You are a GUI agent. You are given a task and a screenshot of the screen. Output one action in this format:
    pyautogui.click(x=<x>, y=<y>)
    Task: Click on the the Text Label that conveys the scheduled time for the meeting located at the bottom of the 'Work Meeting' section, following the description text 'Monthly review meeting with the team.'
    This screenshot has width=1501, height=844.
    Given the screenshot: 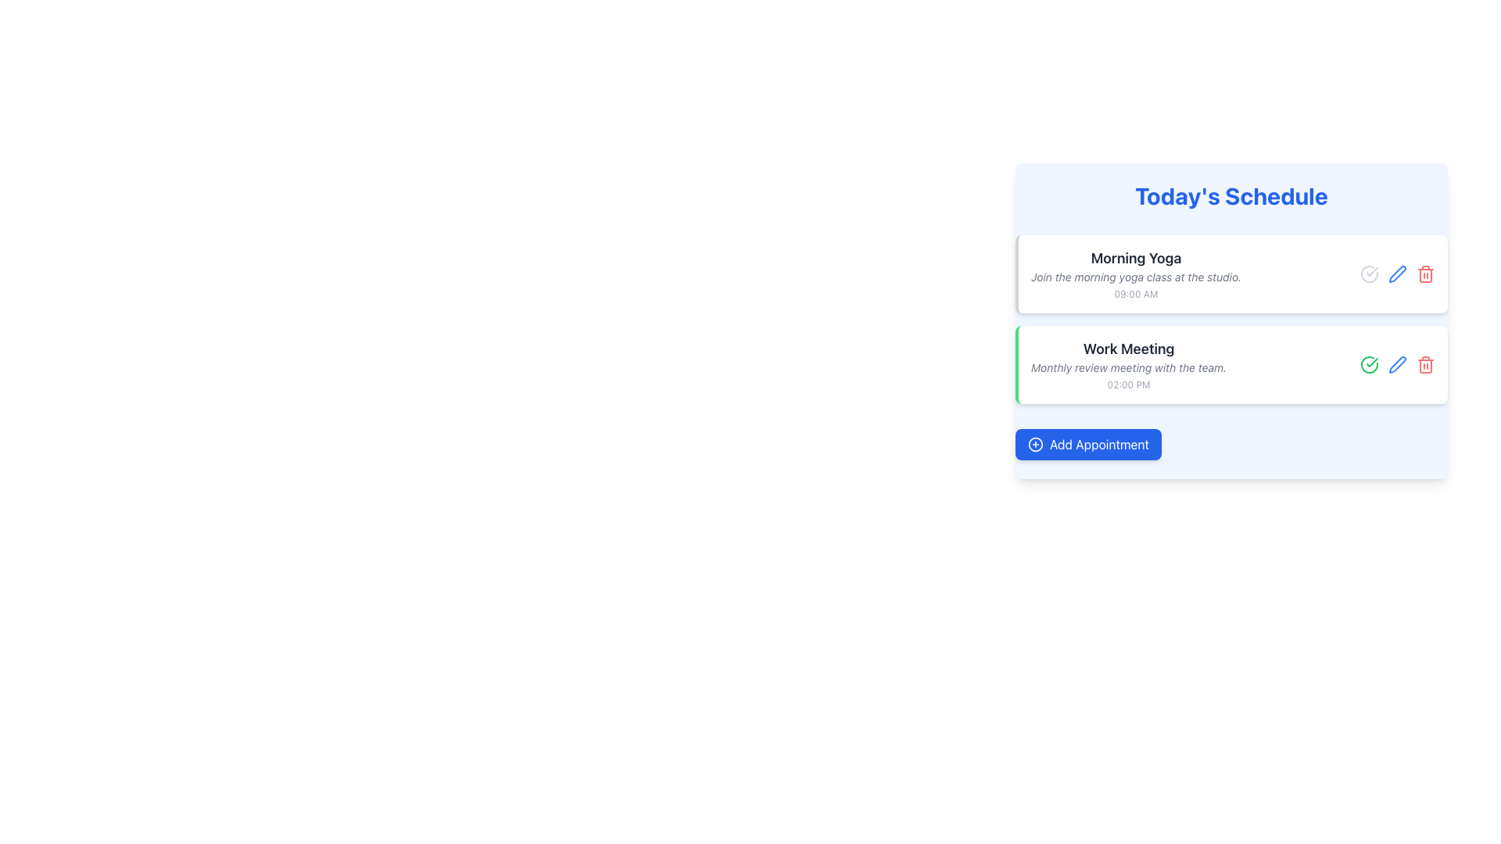 What is the action you would take?
    pyautogui.click(x=1129, y=385)
    